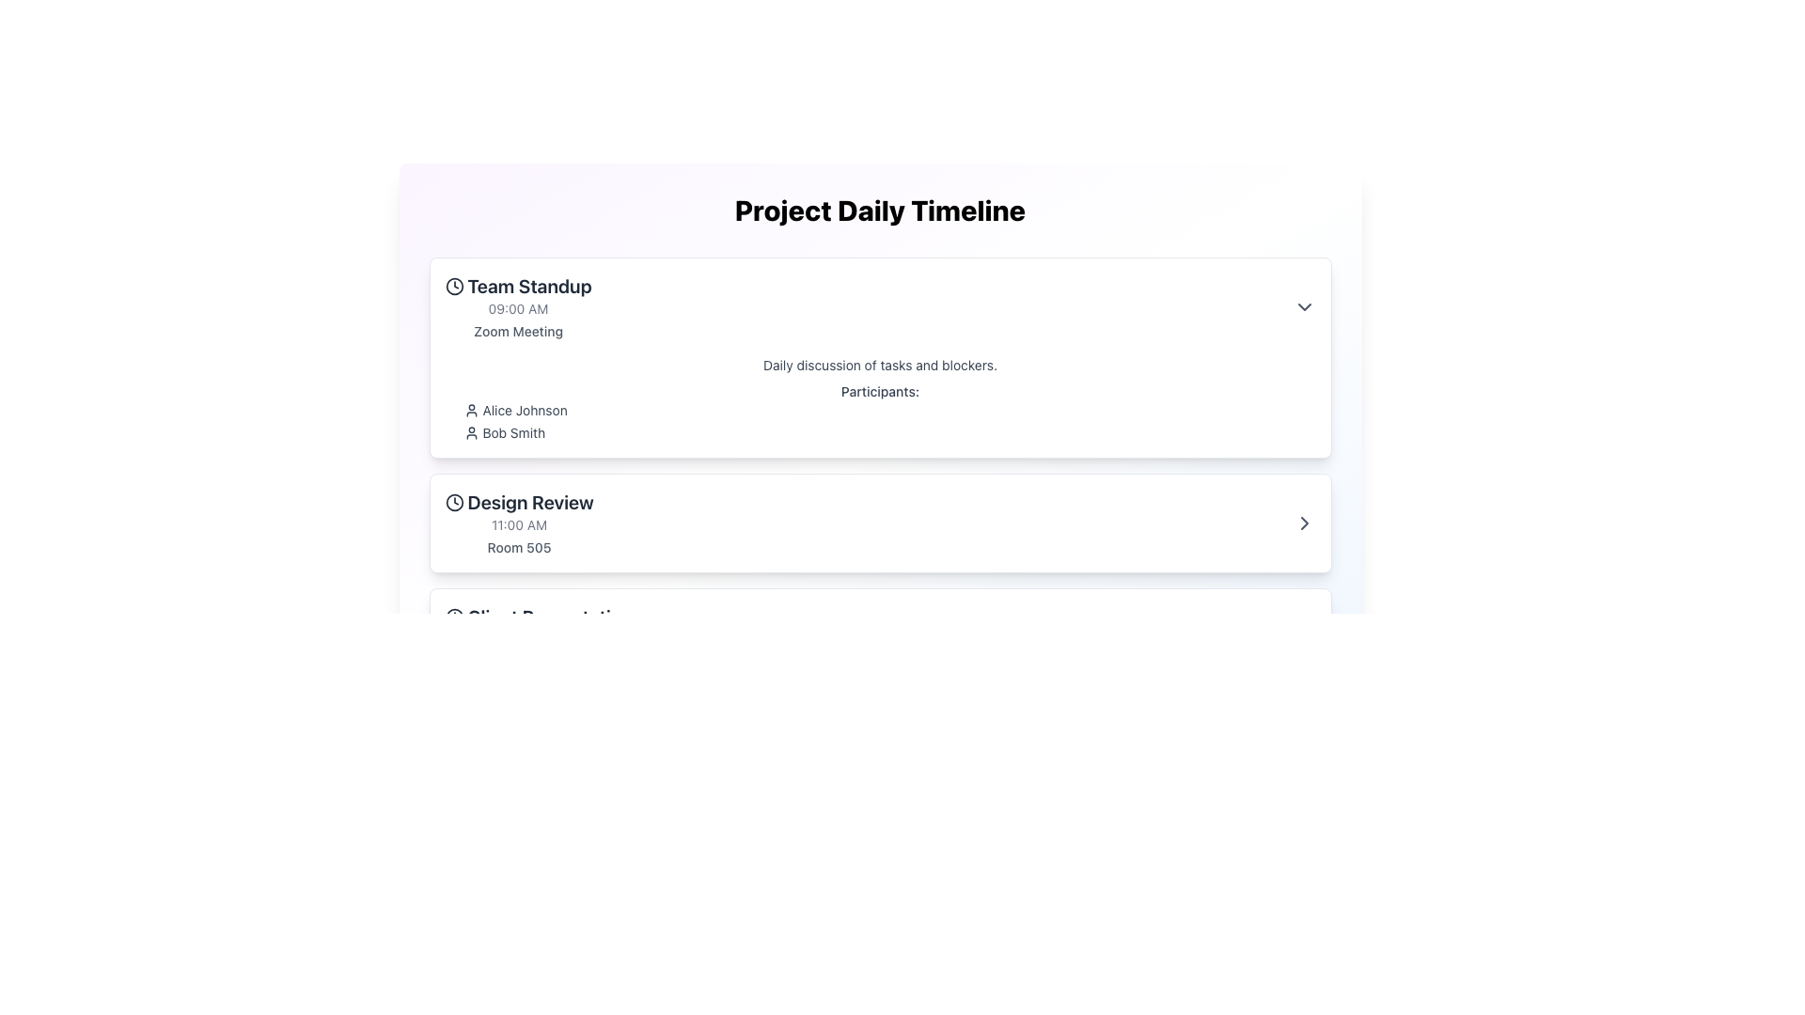 This screenshot has height=1015, width=1805. I want to click on the arrow on the right of the second list item in the vertically-stacked list, located below the 'Team Standup' item, so click(879, 523).